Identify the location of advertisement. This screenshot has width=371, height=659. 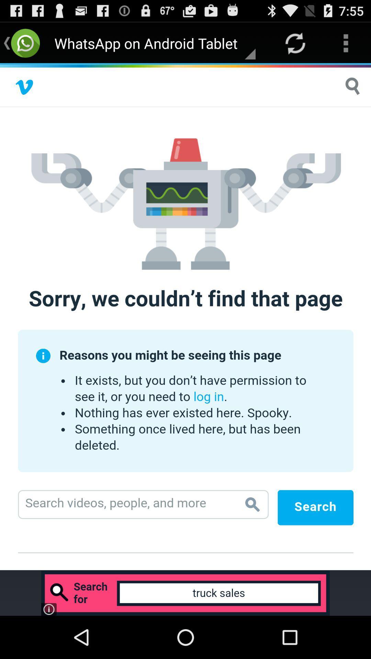
(185, 317).